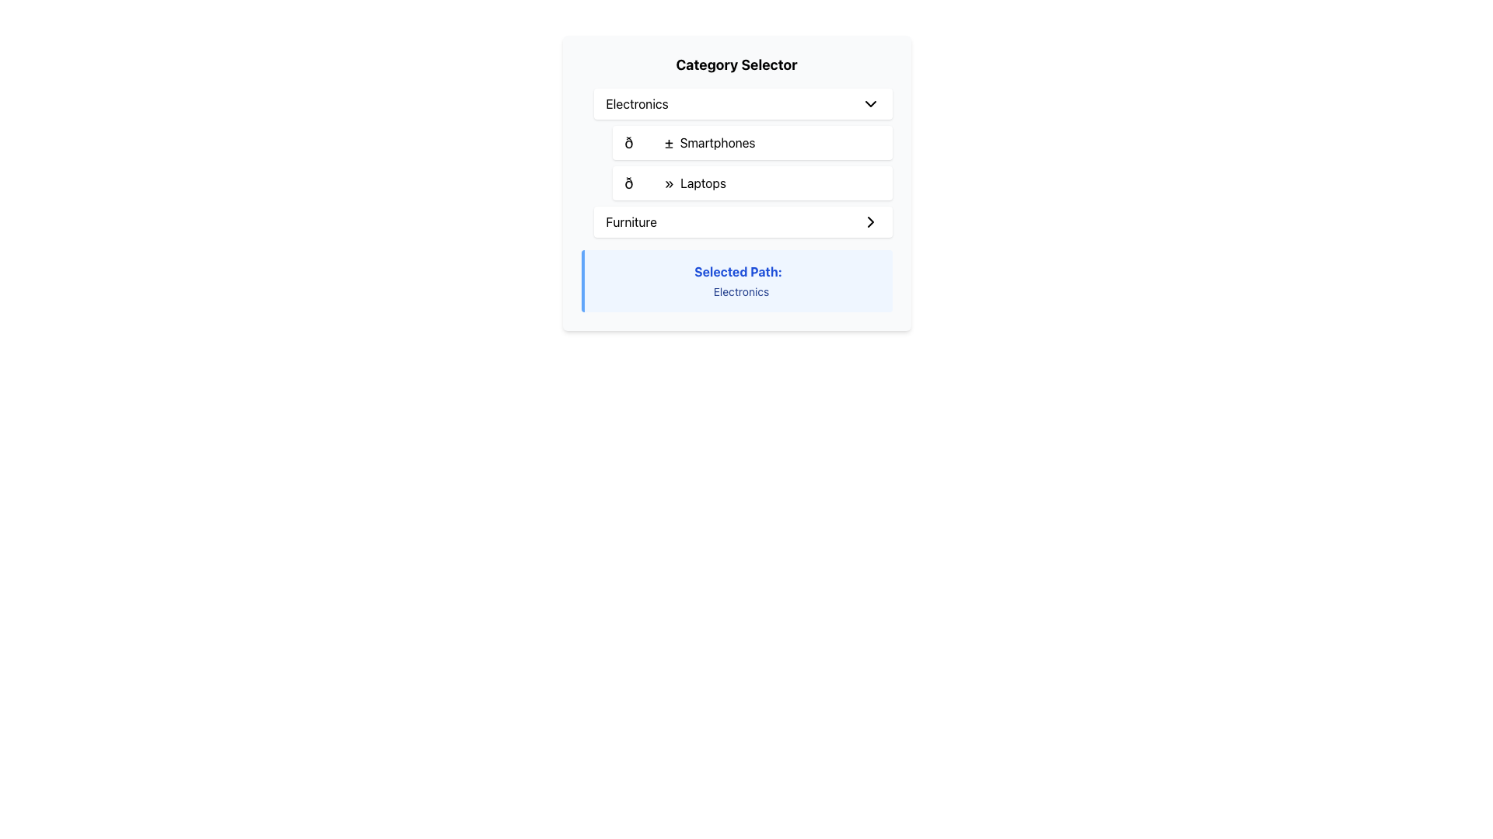 This screenshot has width=1493, height=839. Describe the element at coordinates (752, 143) in the screenshot. I see `the 'Smartphones' category option located within the 'Electronics' category selector` at that location.